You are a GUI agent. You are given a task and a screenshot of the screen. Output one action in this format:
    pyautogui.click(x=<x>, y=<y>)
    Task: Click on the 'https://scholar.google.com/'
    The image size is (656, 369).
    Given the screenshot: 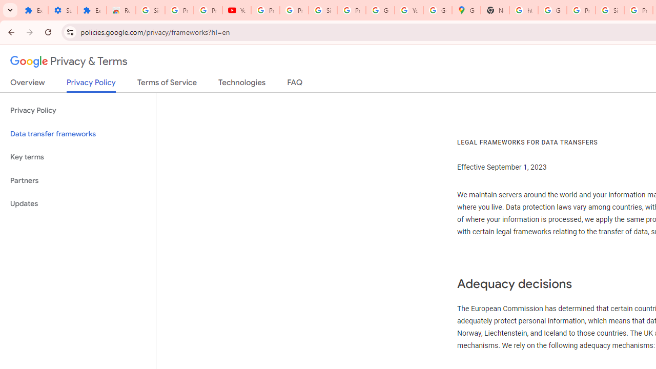 What is the action you would take?
    pyautogui.click(x=524, y=10)
    